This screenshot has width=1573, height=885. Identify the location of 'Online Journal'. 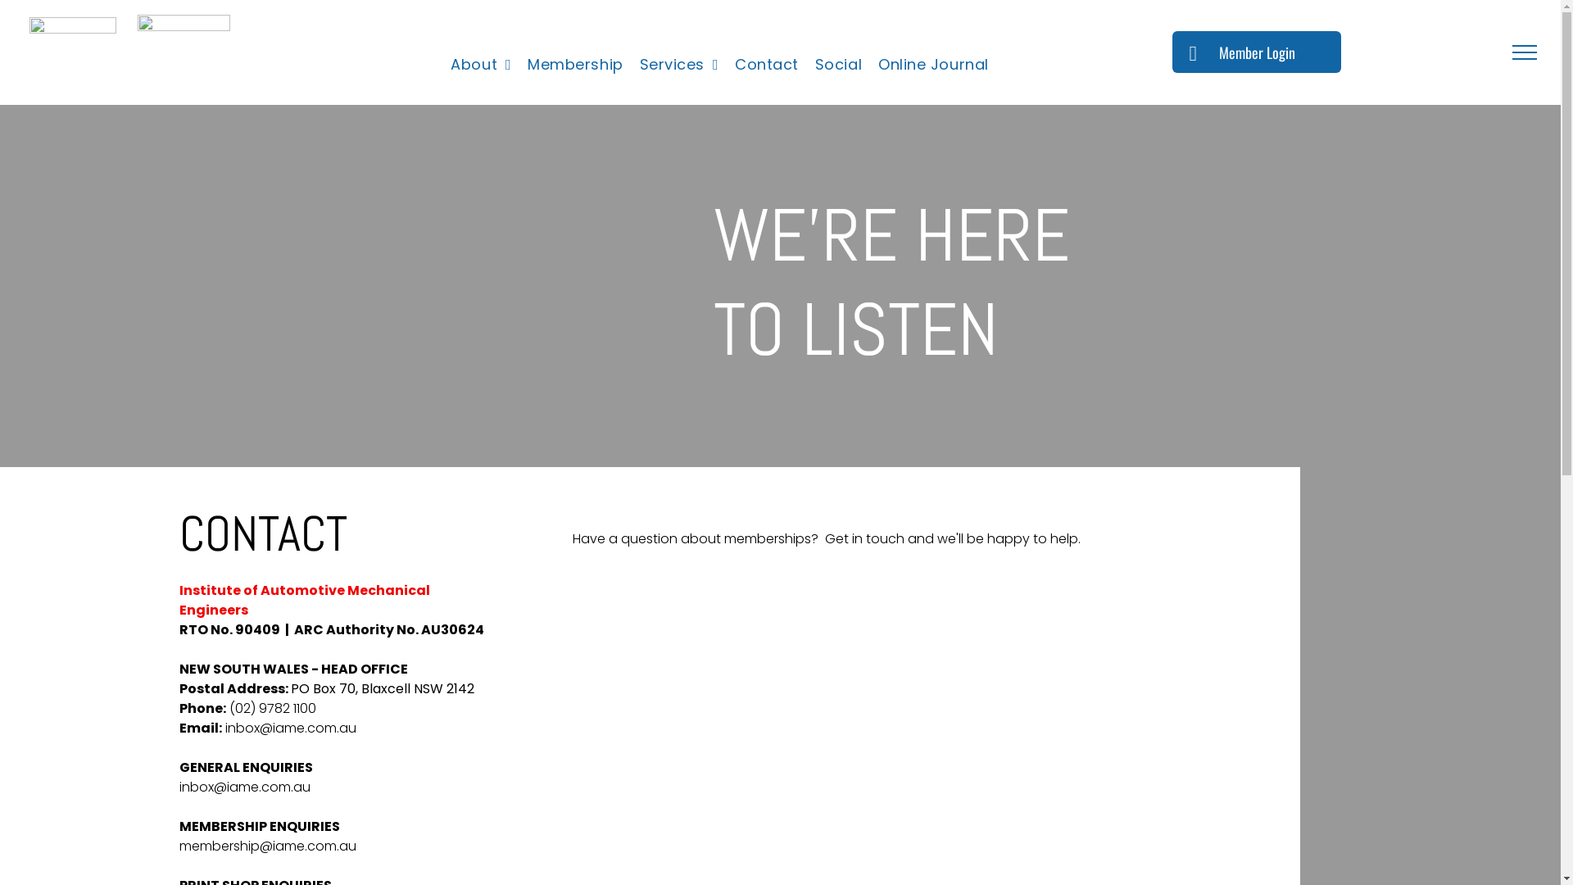
(933, 63).